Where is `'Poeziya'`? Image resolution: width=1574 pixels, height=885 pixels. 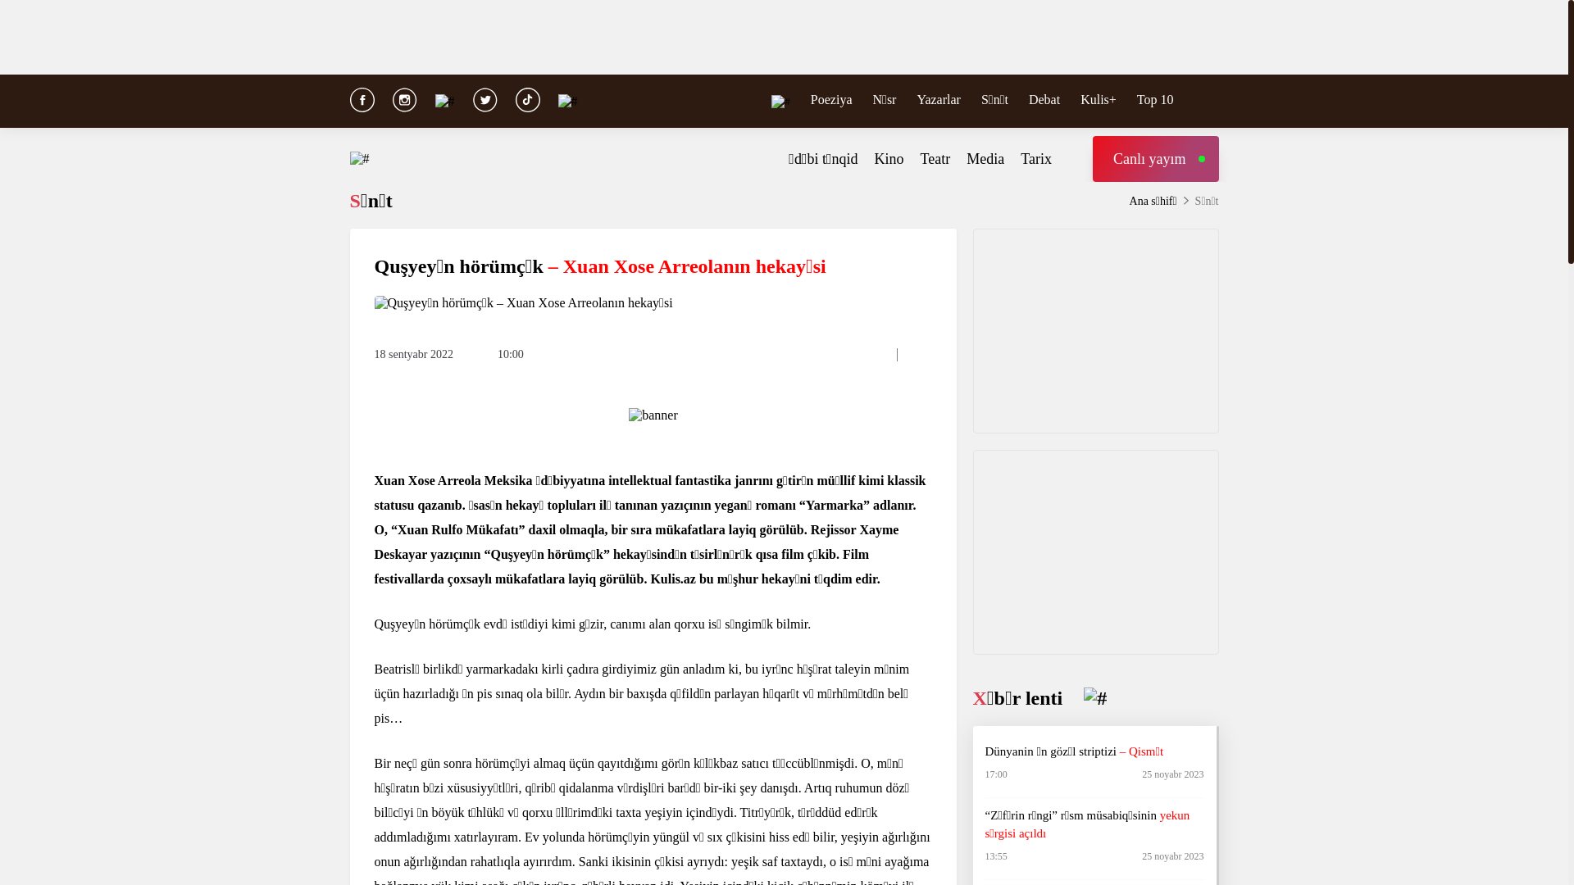 'Poeziya' is located at coordinates (831, 98).